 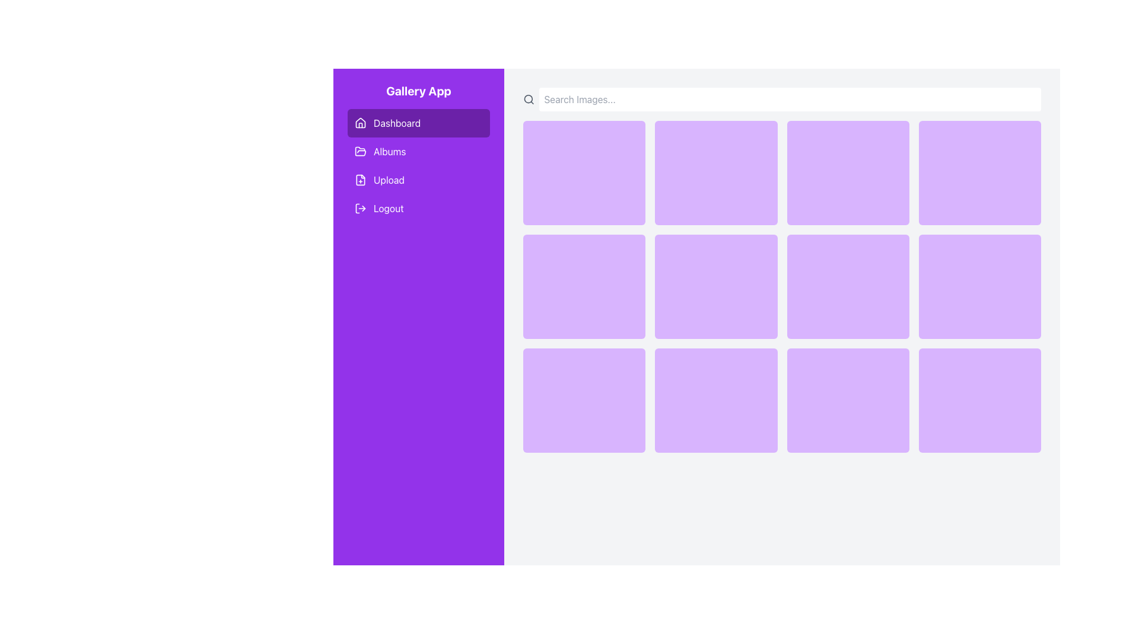 What do you see at coordinates (390, 151) in the screenshot?
I see `the static text label displaying 'Albums' in the vertical navigation bar on the left side of the application` at bounding box center [390, 151].